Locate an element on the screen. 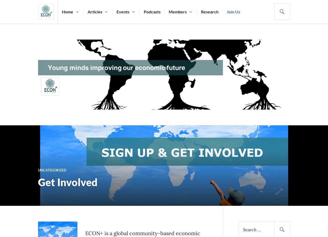 This screenshot has width=328, height=237. 'Join Us' is located at coordinates (233, 11).